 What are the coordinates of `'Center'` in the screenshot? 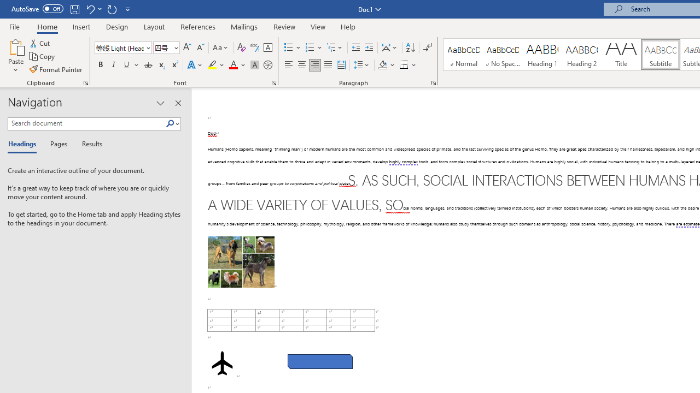 It's located at (302, 65).